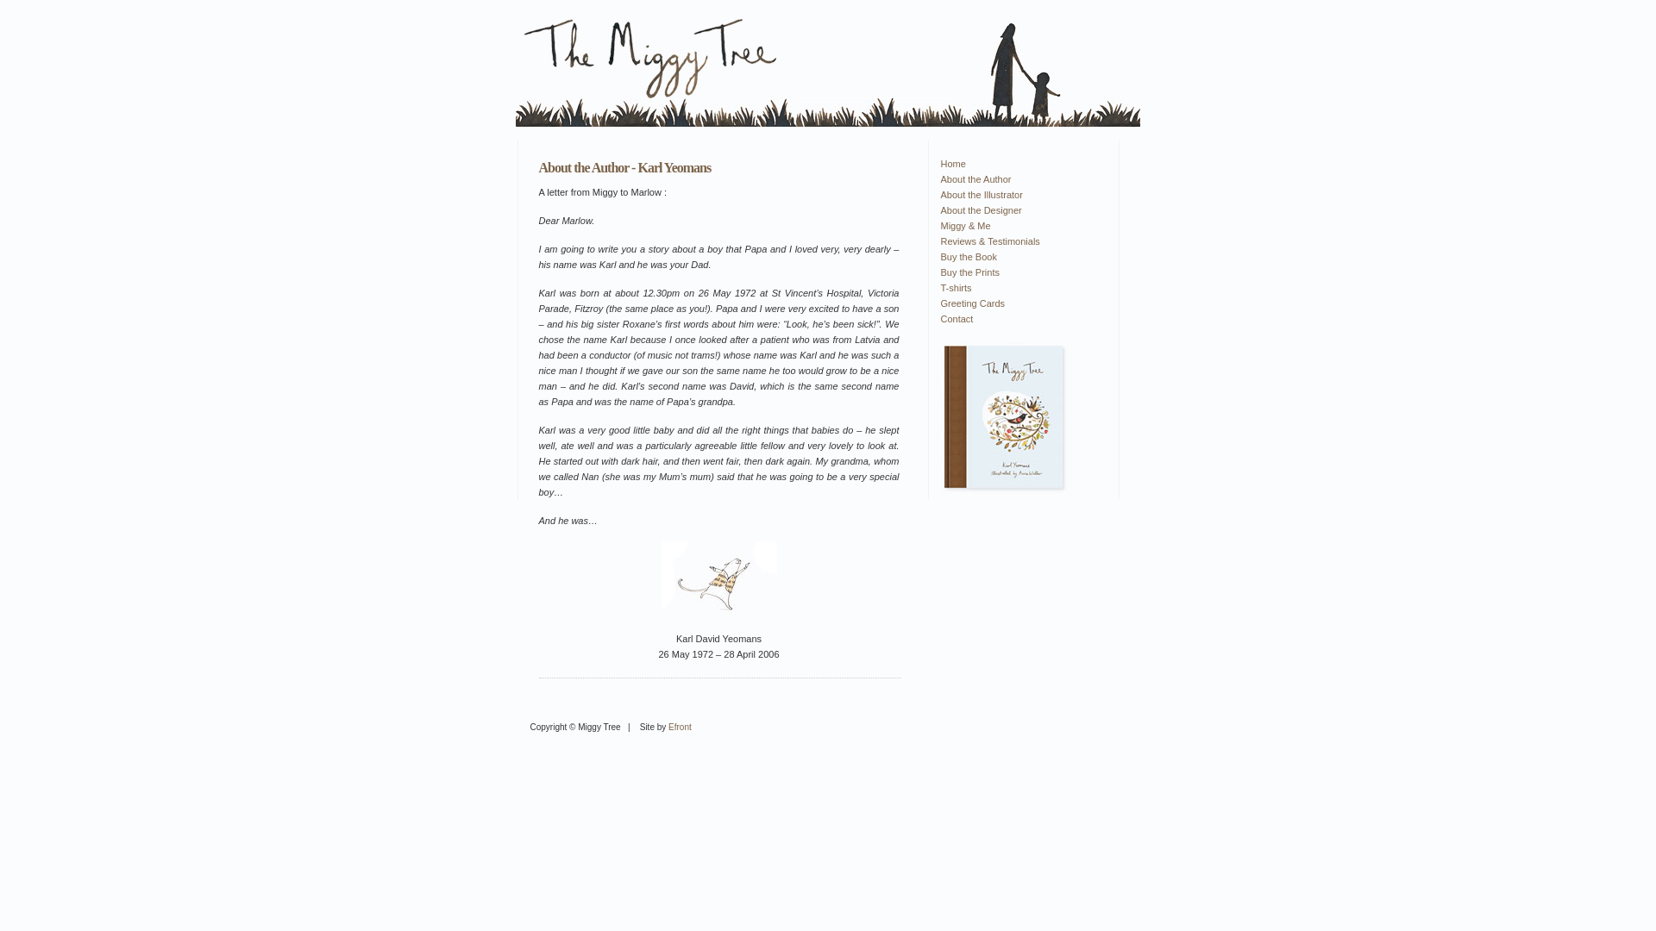 The image size is (1656, 931). What do you see at coordinates (679, 727) in the screenshot?
I see `'Efront'` at bounding box center [679, 727].